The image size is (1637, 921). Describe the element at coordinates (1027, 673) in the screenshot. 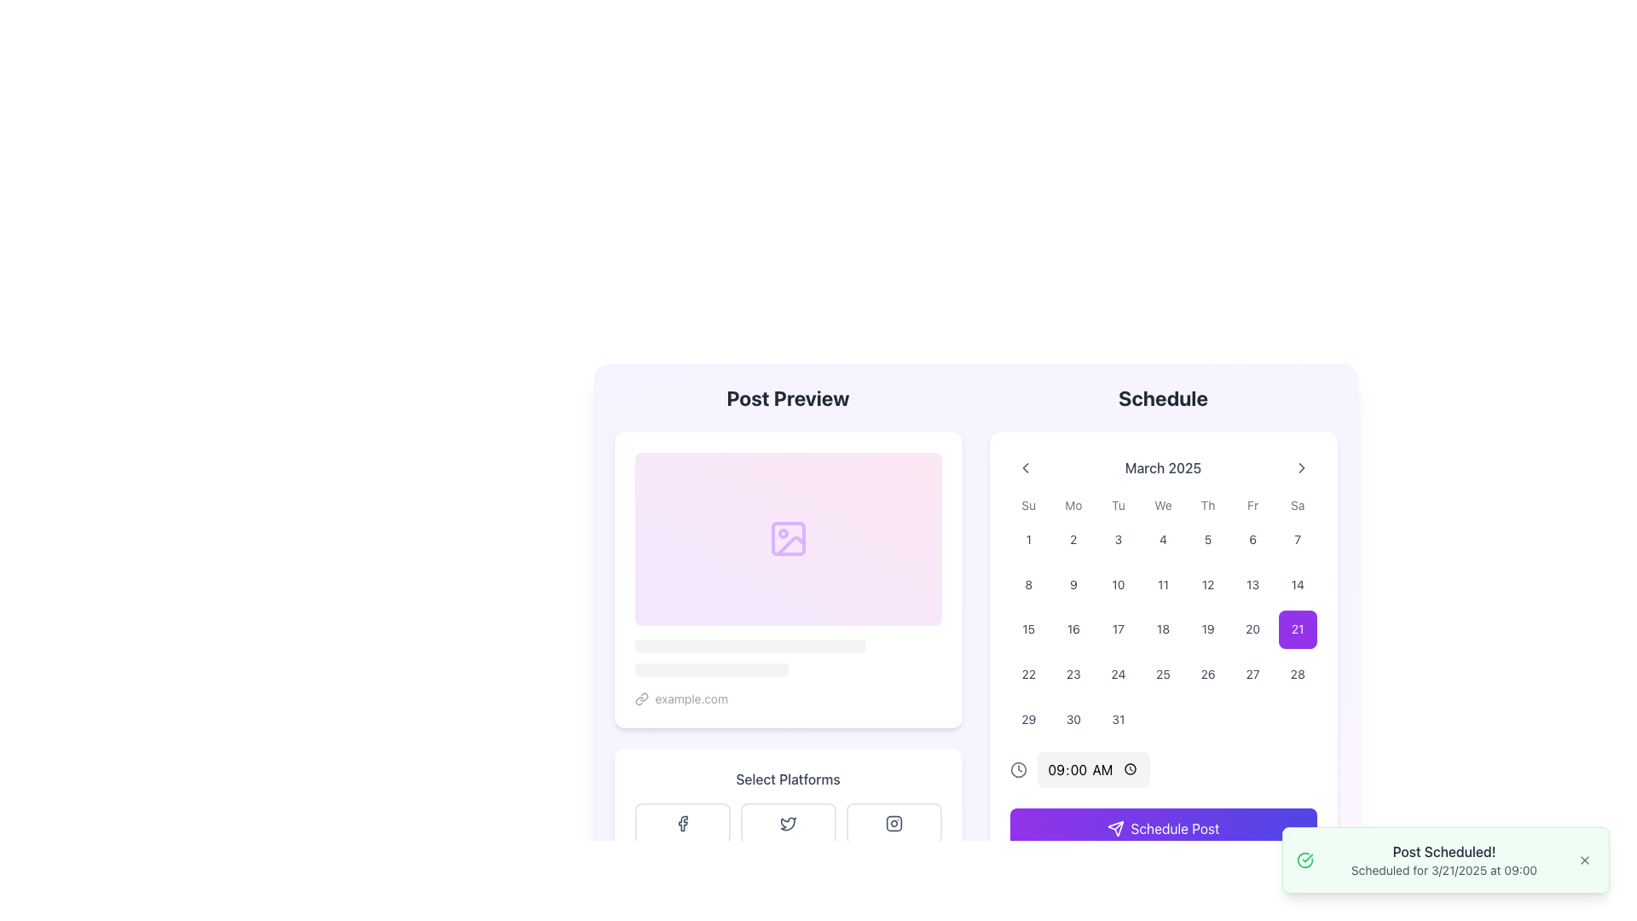

I see `the square button with a white background and the text '22'` at that location.